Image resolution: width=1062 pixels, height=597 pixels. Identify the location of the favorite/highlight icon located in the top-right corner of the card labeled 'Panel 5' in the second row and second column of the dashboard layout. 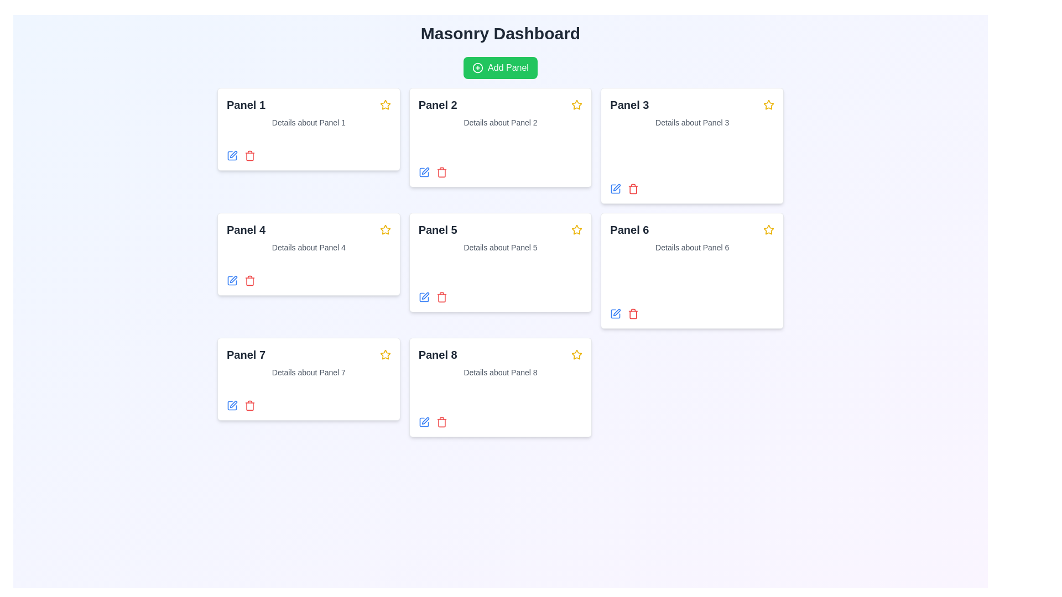
(576, 229).